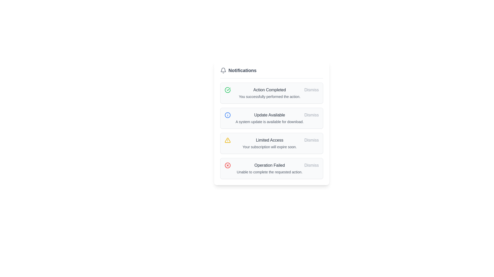 The height and width of the screenshot is (277, 494). Describe the element at coordinates (269, 118) in the screenshot. I see `the static notification banner displaying 'Update Available' with a detailed message about a system update` at that location.